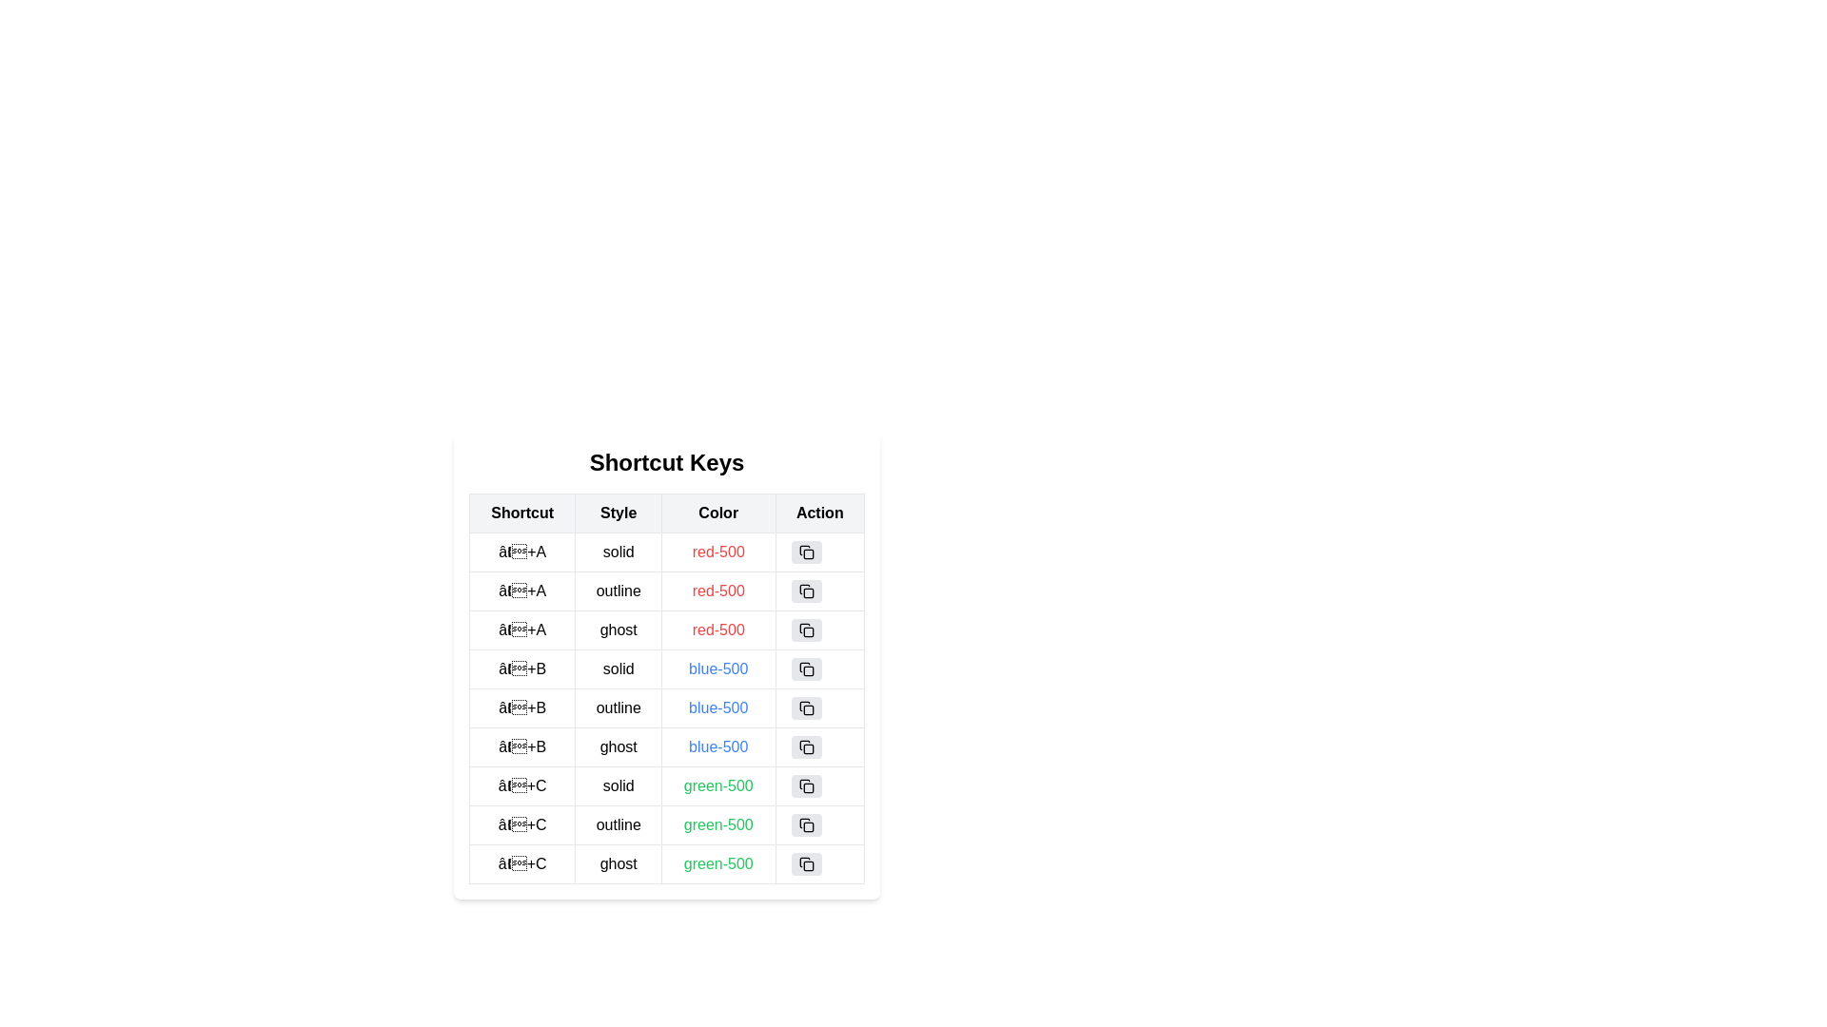  Describe the element at coordinates (619, 746) in the screenshot. I see `the static text 'ghost' styled in standard font, located in the third column under the 'Style' header, corresponding to the shortcut key combination '⌘+B'` at that location.